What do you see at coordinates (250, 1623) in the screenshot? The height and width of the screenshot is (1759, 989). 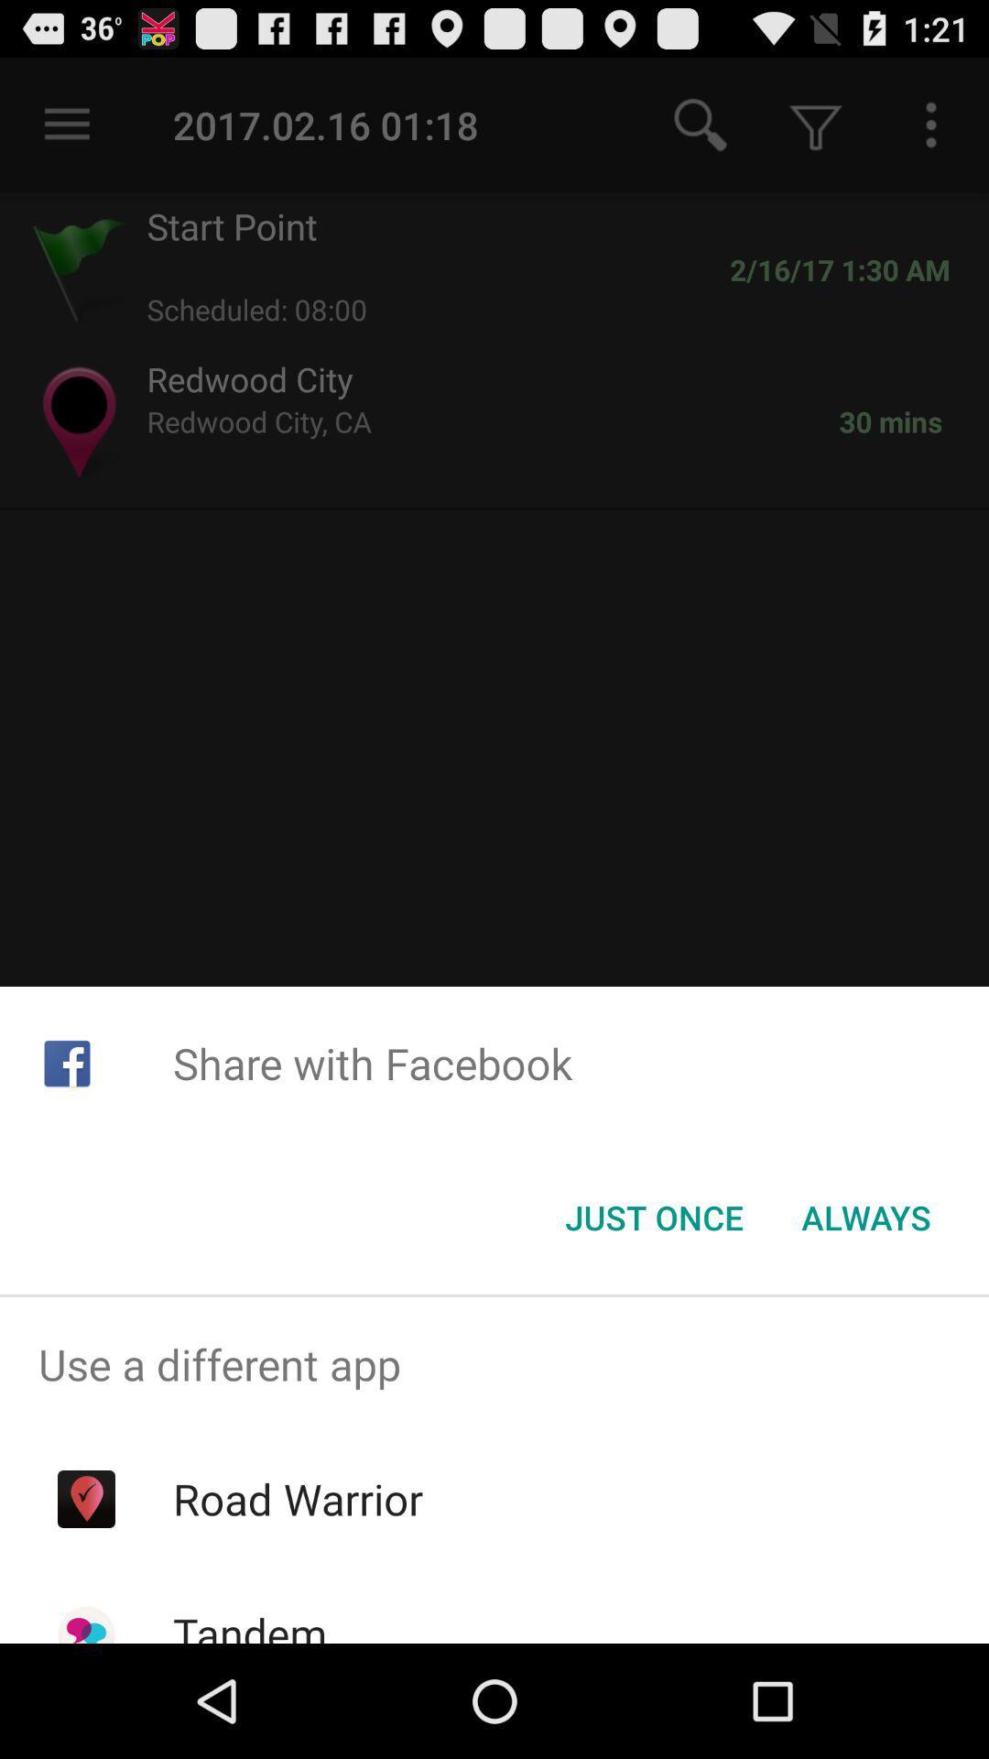 I see `the tandem icon` at bounding box center [250, 1623].